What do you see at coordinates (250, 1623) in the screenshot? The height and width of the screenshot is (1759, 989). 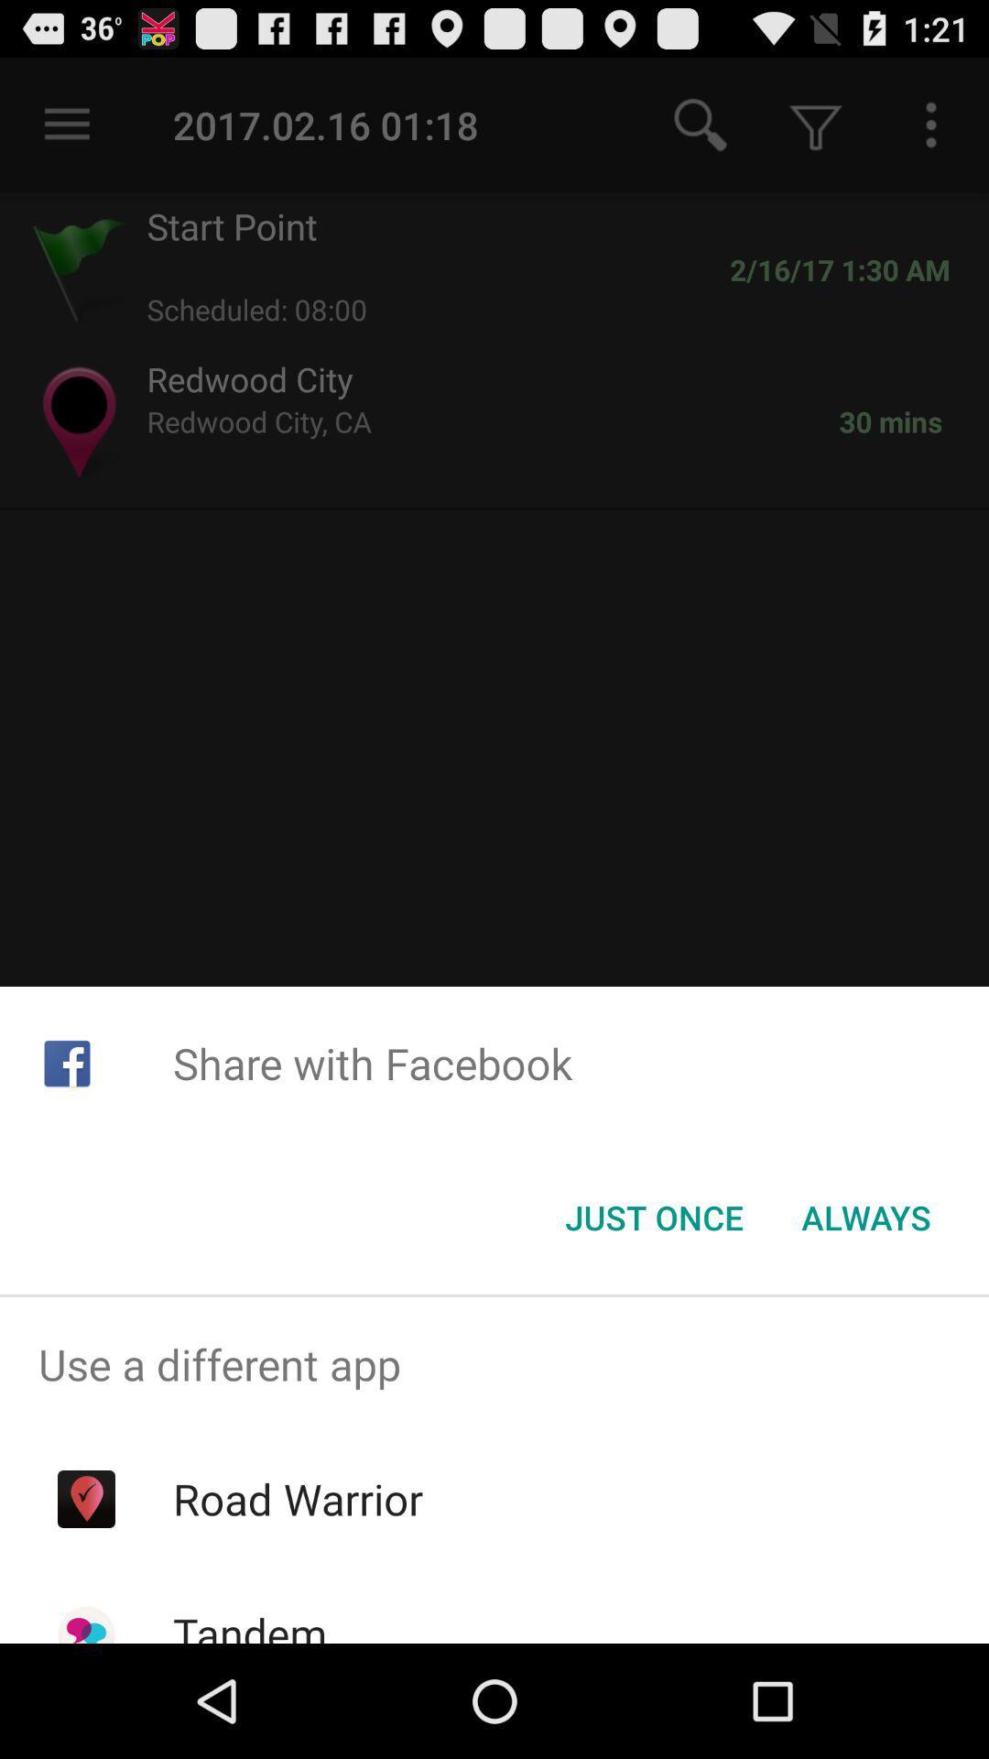 I see `the tandem icon` at bounding box center [250, 1623].